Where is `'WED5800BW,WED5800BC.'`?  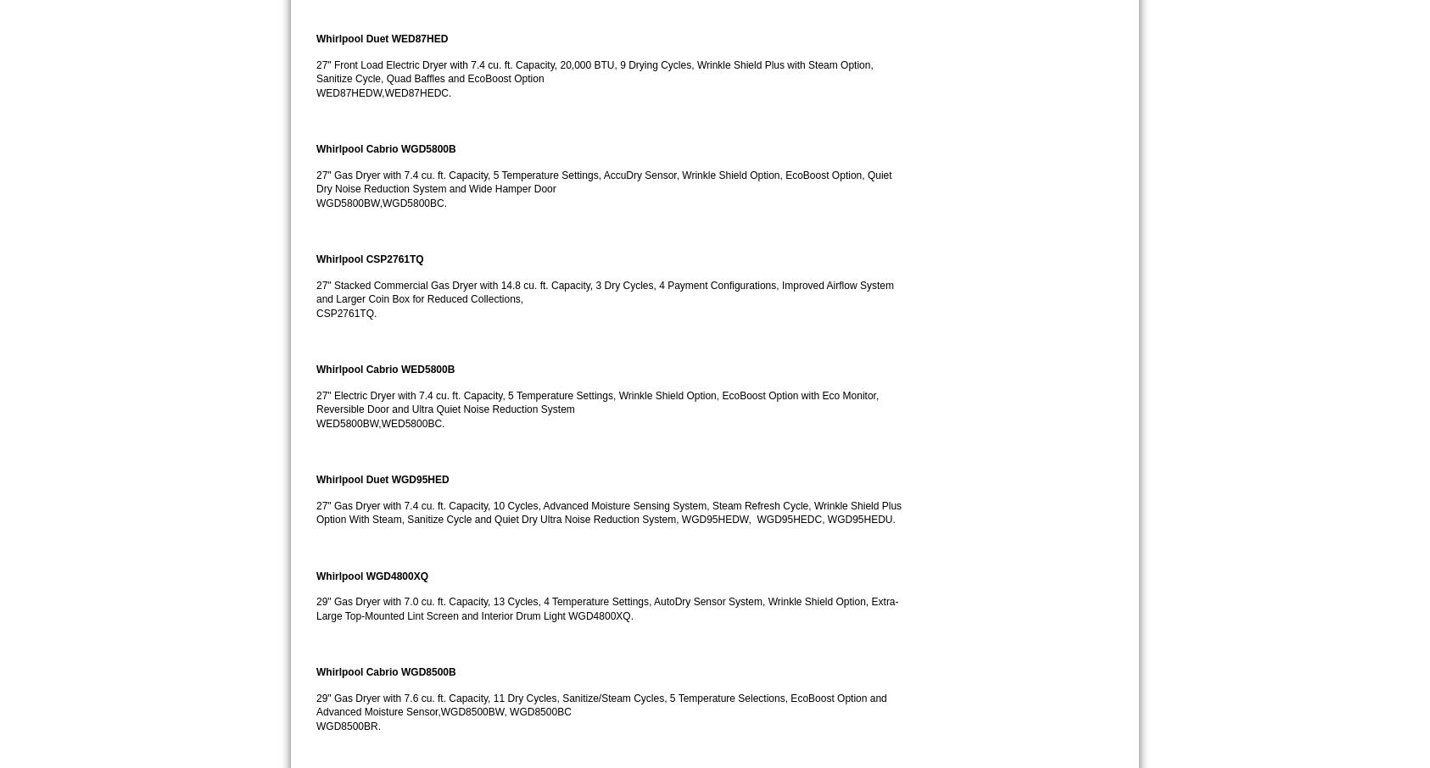
'WED5800BW,WED5800BC.' is located at coordinates (380, 423).